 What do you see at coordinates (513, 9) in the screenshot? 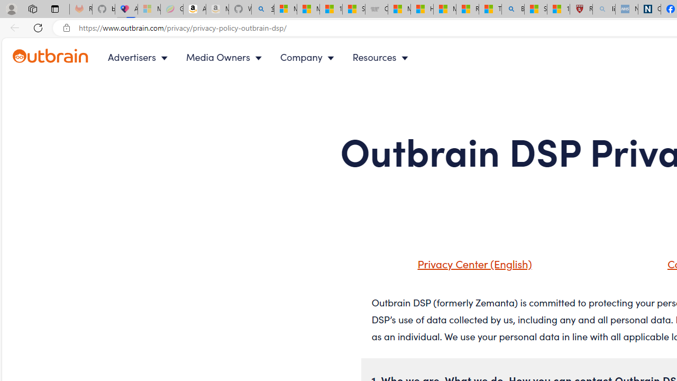
I see `'Bing'` at bounding box center [513, 9].